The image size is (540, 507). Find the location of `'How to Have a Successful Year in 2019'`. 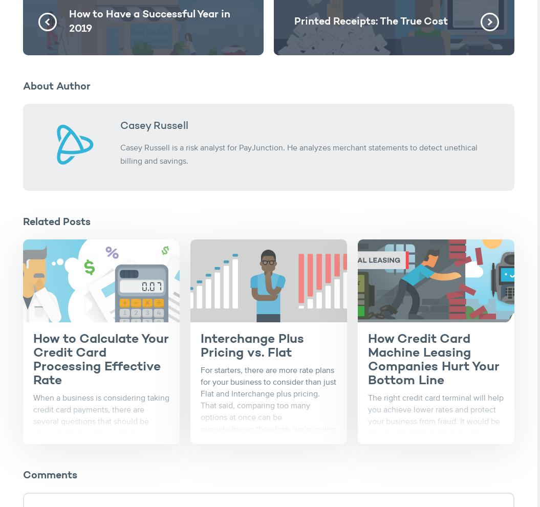

'How to Have a Successful Year in 2019' is located at coordinates (149, 21).